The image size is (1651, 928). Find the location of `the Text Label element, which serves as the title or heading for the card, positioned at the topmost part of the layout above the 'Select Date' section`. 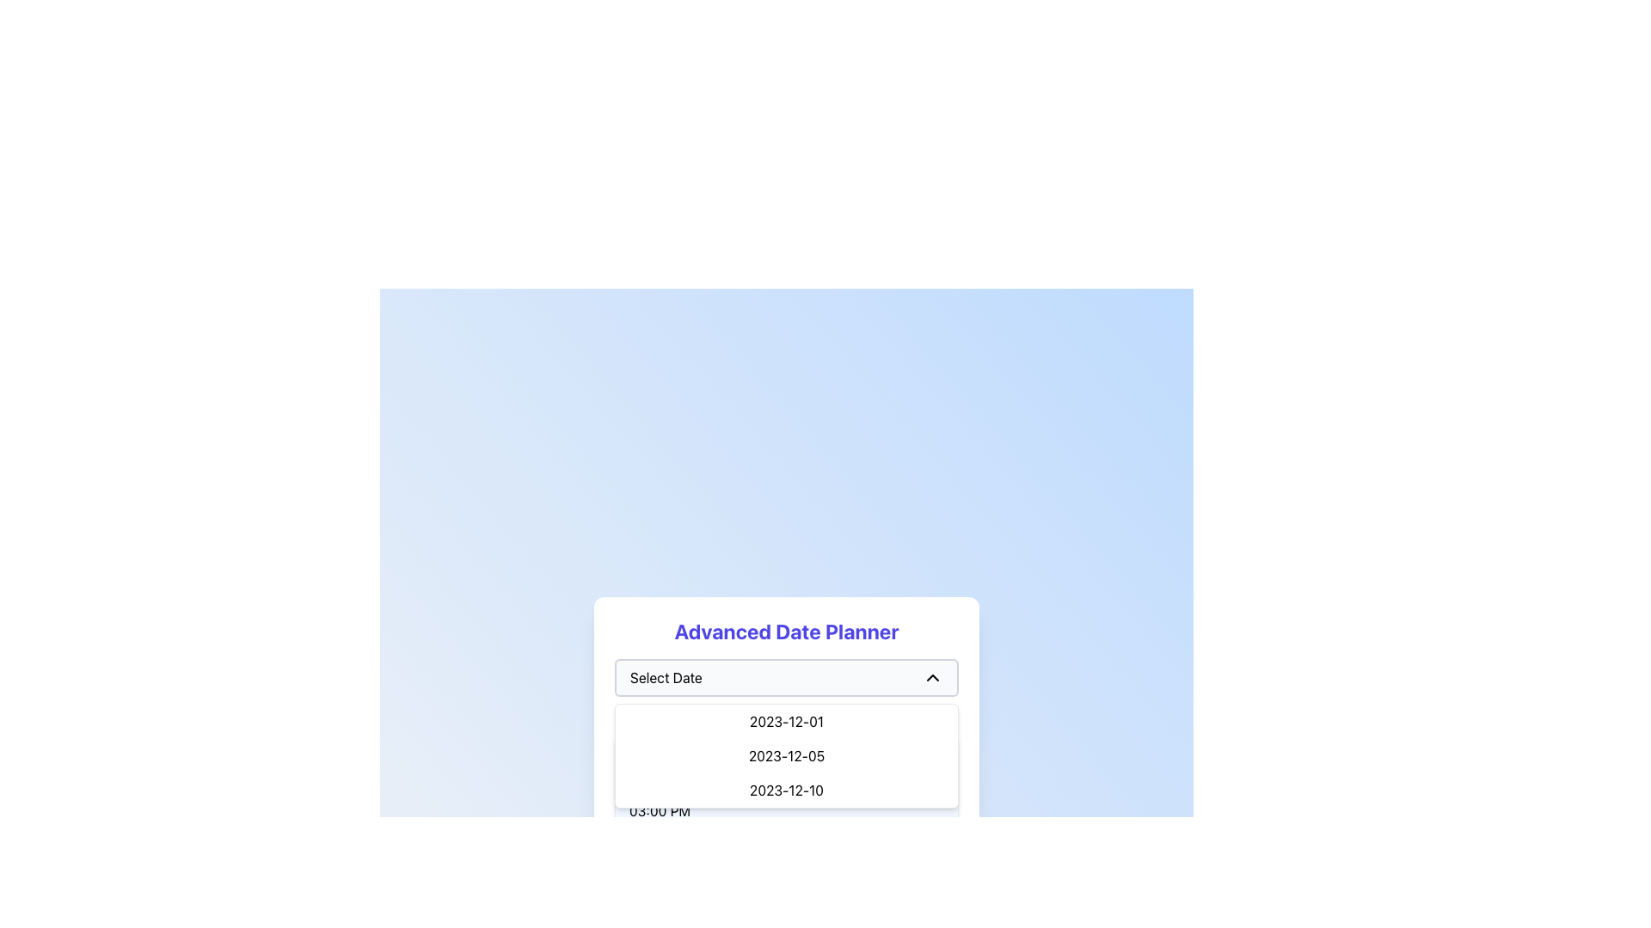

the Text Label element, which serves as the title or heading for the card, positioned at the topmost part of the layout above the 'Select Date' section is located at coordinates (786, 632).